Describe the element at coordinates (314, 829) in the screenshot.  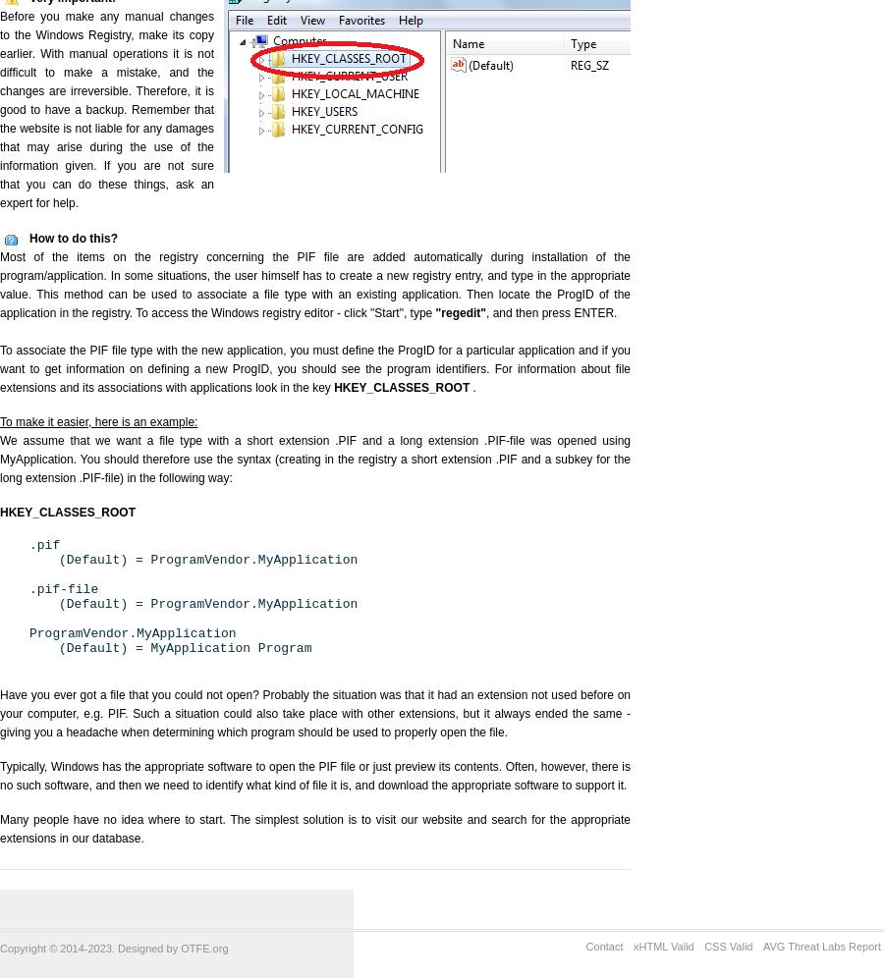
I see `'Many people have no idea where to start. The simplest solution is to visit our website and search for the appropriate extensions in our database.'` at that location.